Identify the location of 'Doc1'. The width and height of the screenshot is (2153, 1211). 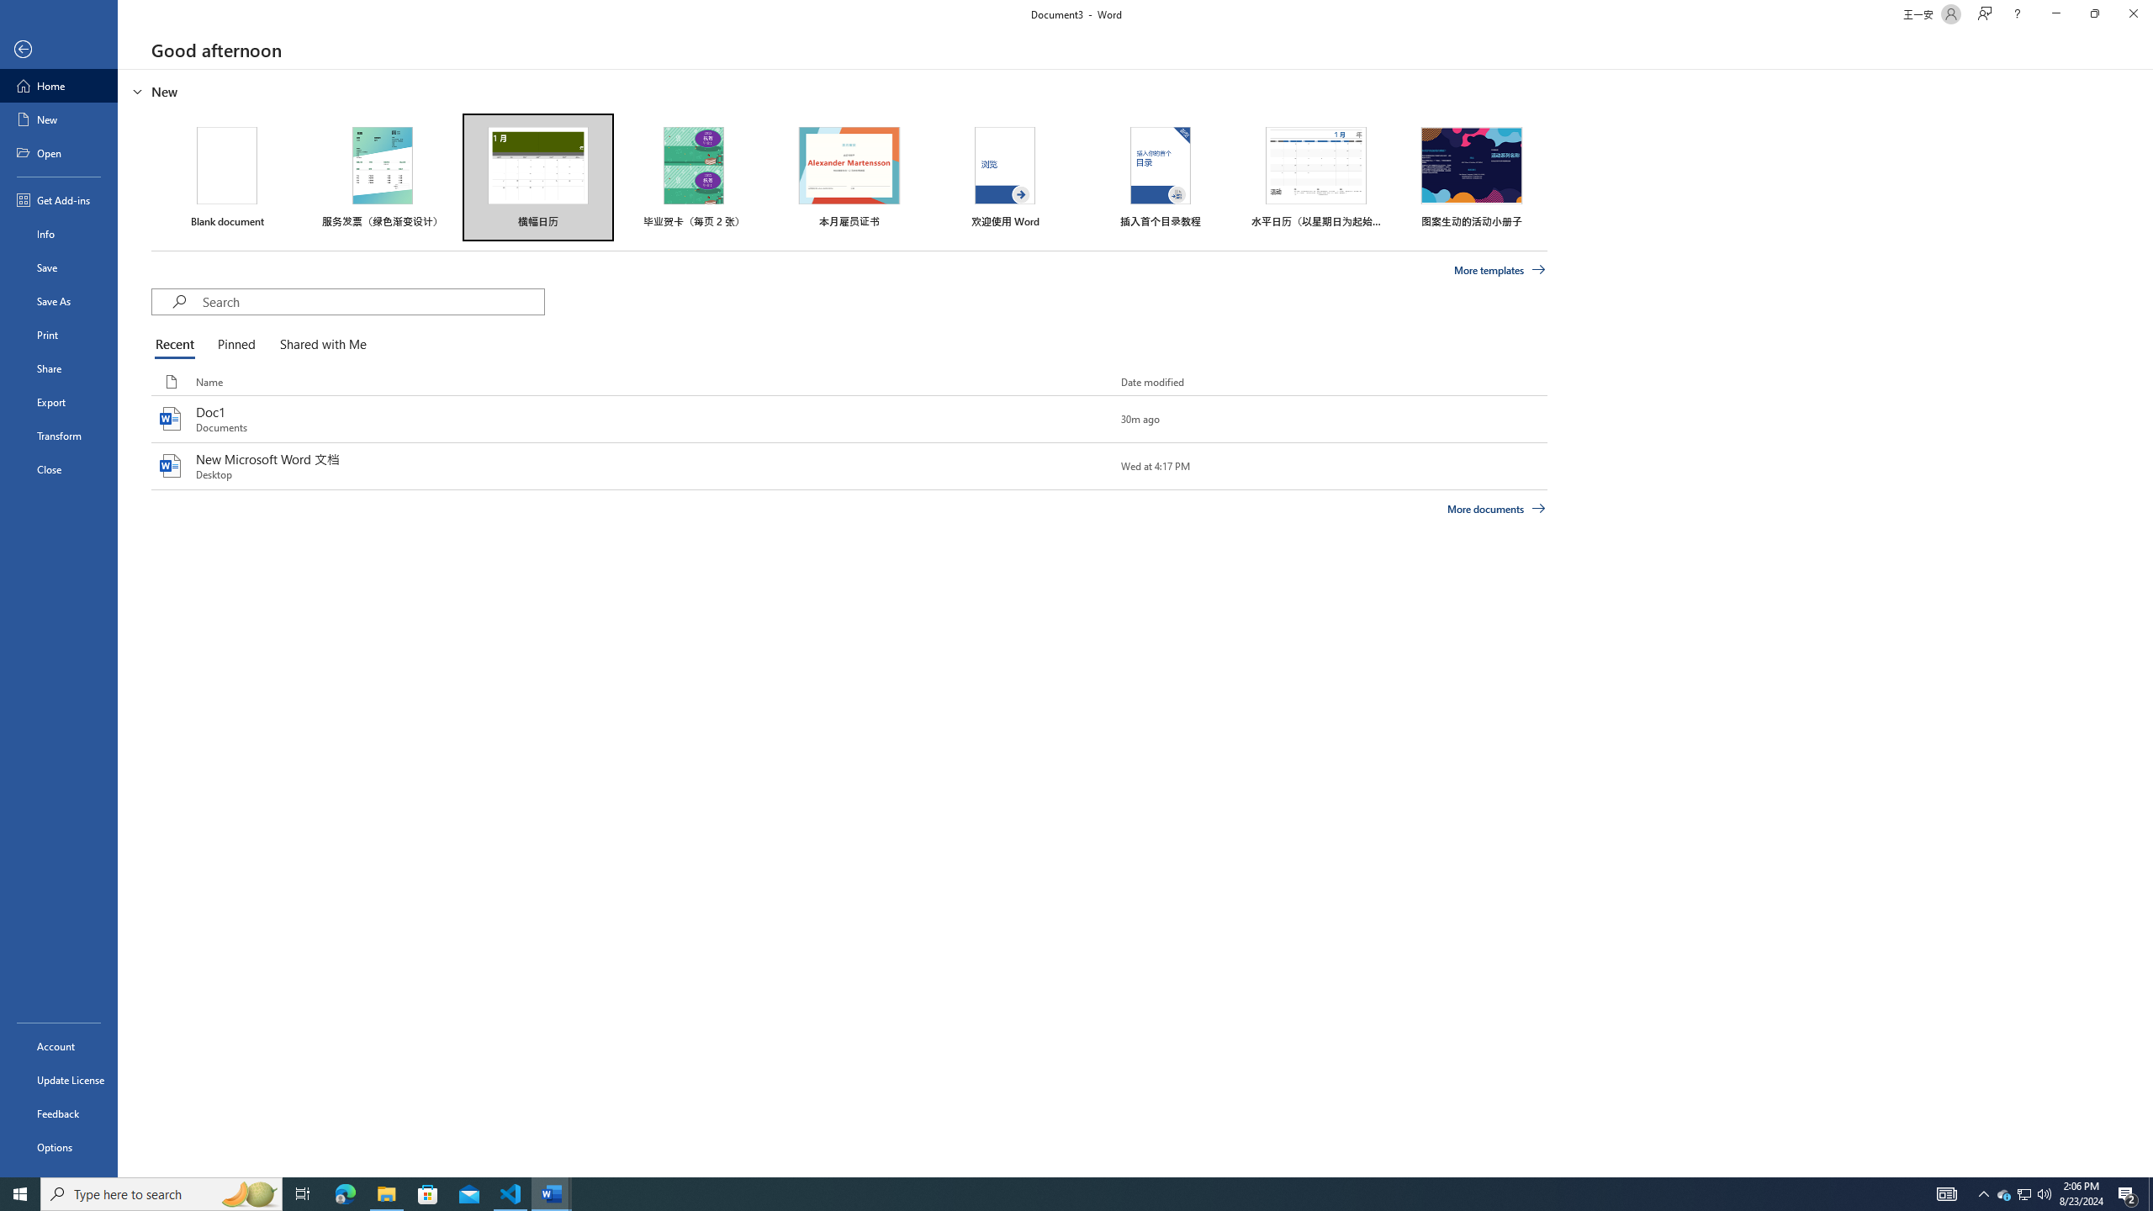
(848, 418).